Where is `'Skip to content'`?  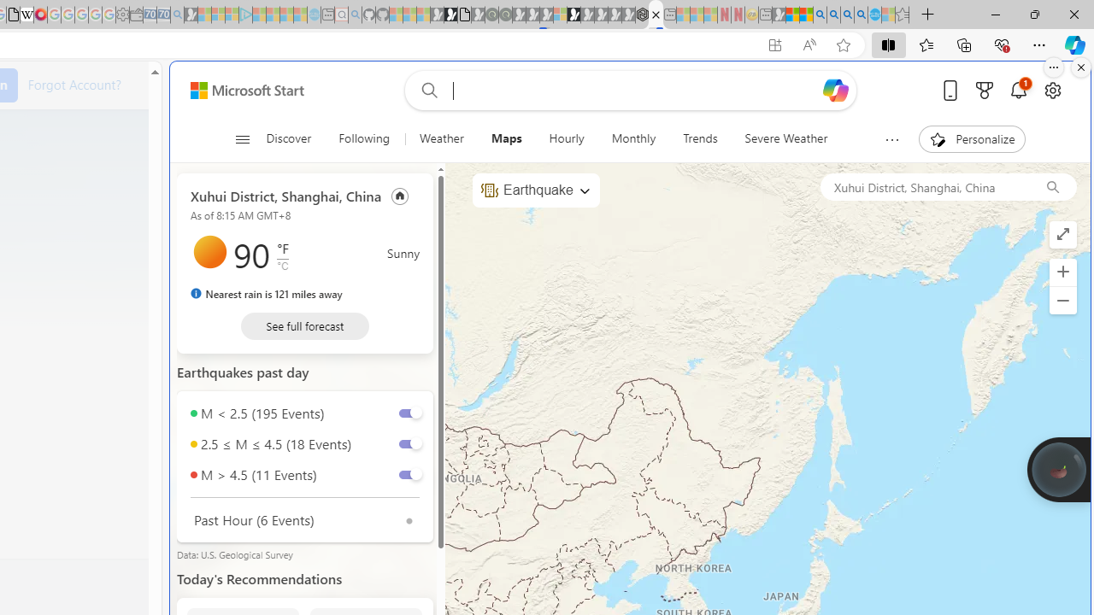 'Skip to content' is located at coordinates (240, 90).